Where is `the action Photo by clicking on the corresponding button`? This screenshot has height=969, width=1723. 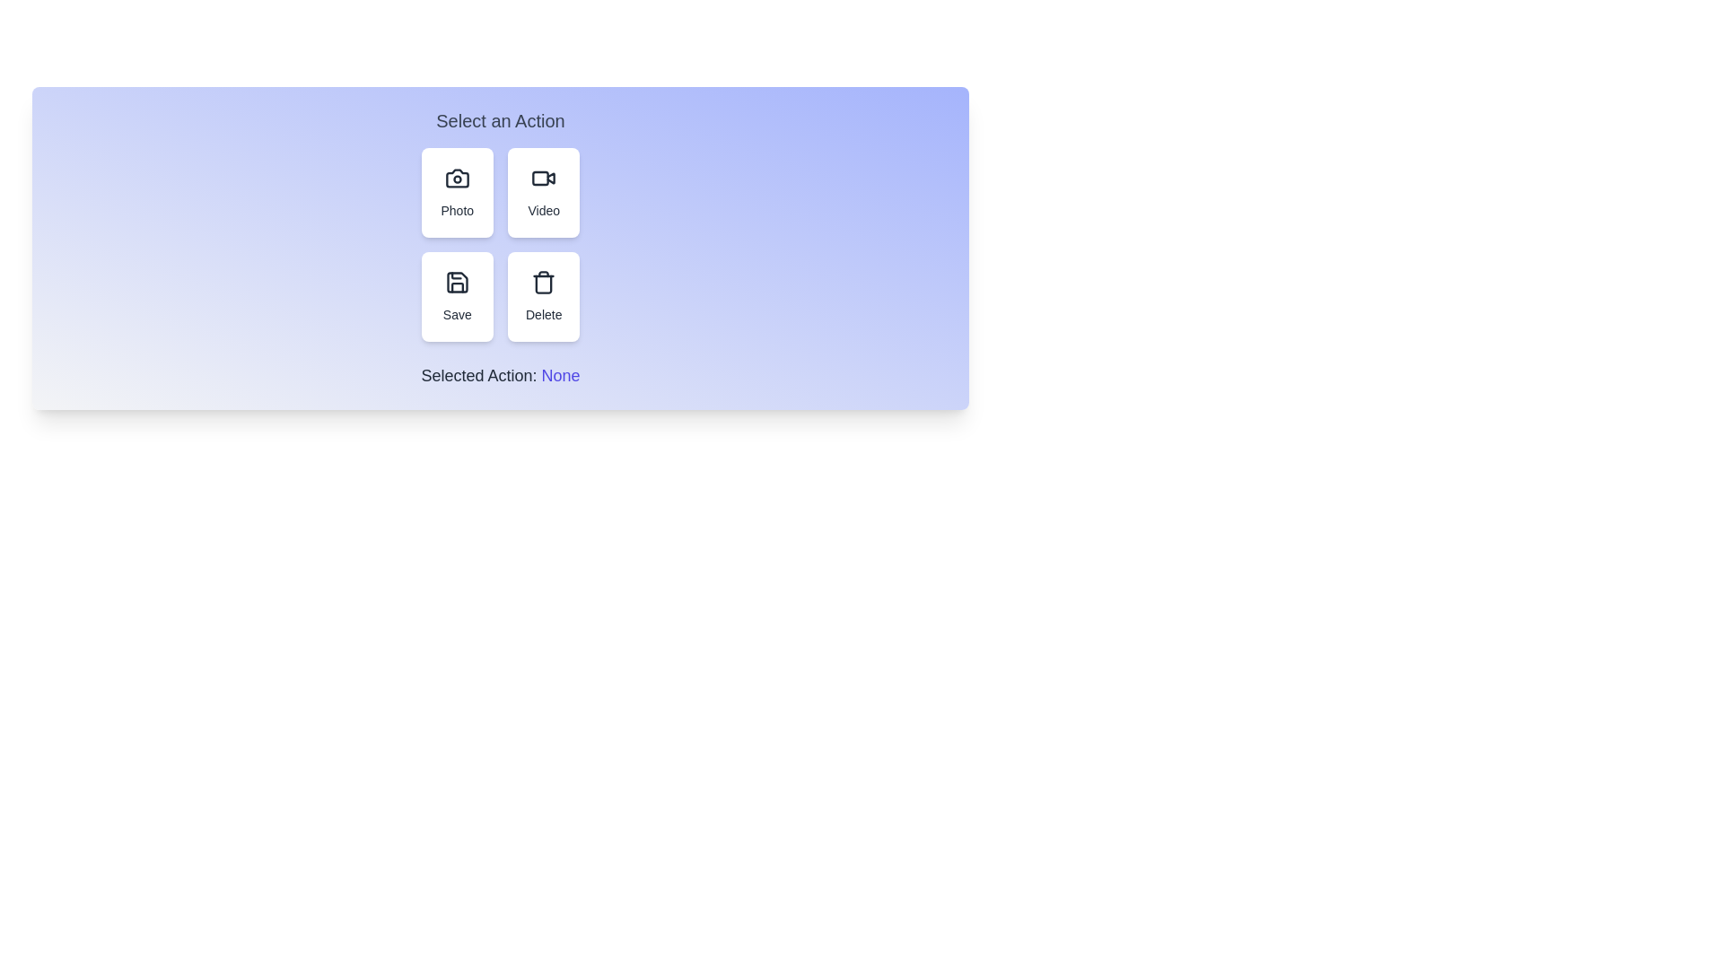 the action Photo by clicking on the corresponding button is located at coordinates (457, 193).